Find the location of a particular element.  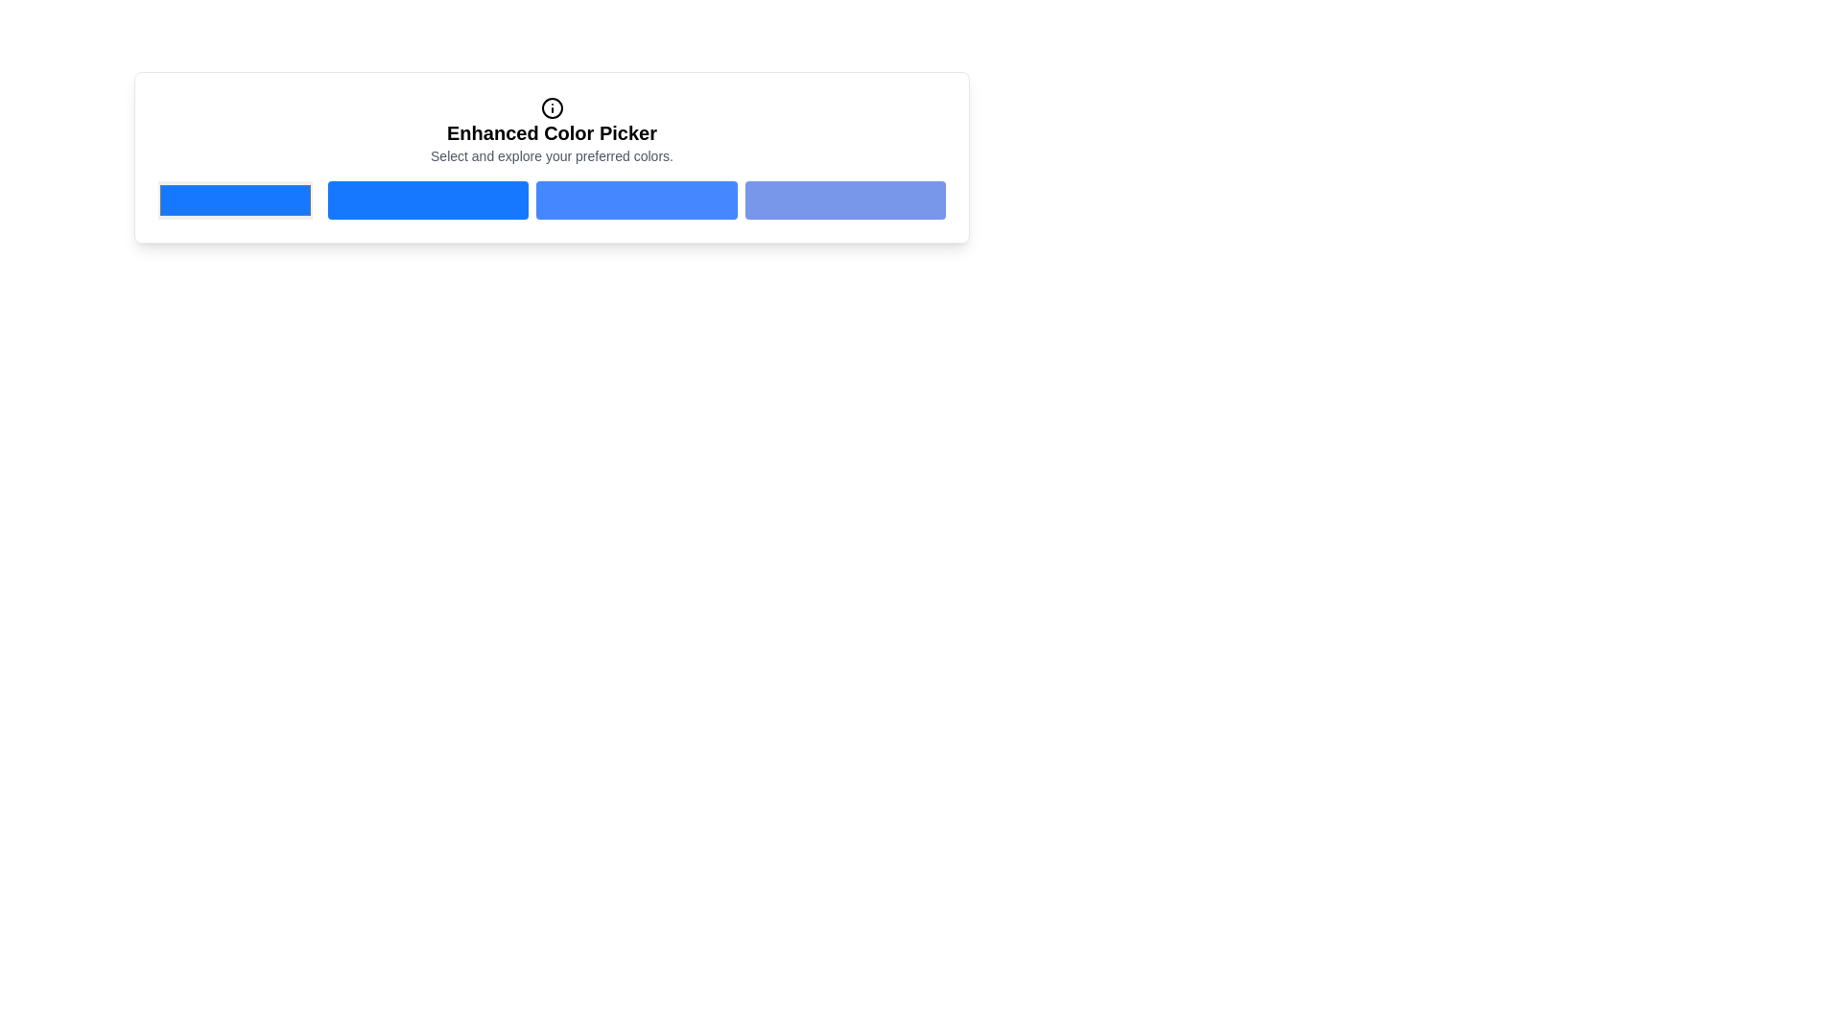

the innermost circle of the SVG graphic located directly above the 'Enhanced Color Picker' text in the header area is located at coordinates (551, 107).